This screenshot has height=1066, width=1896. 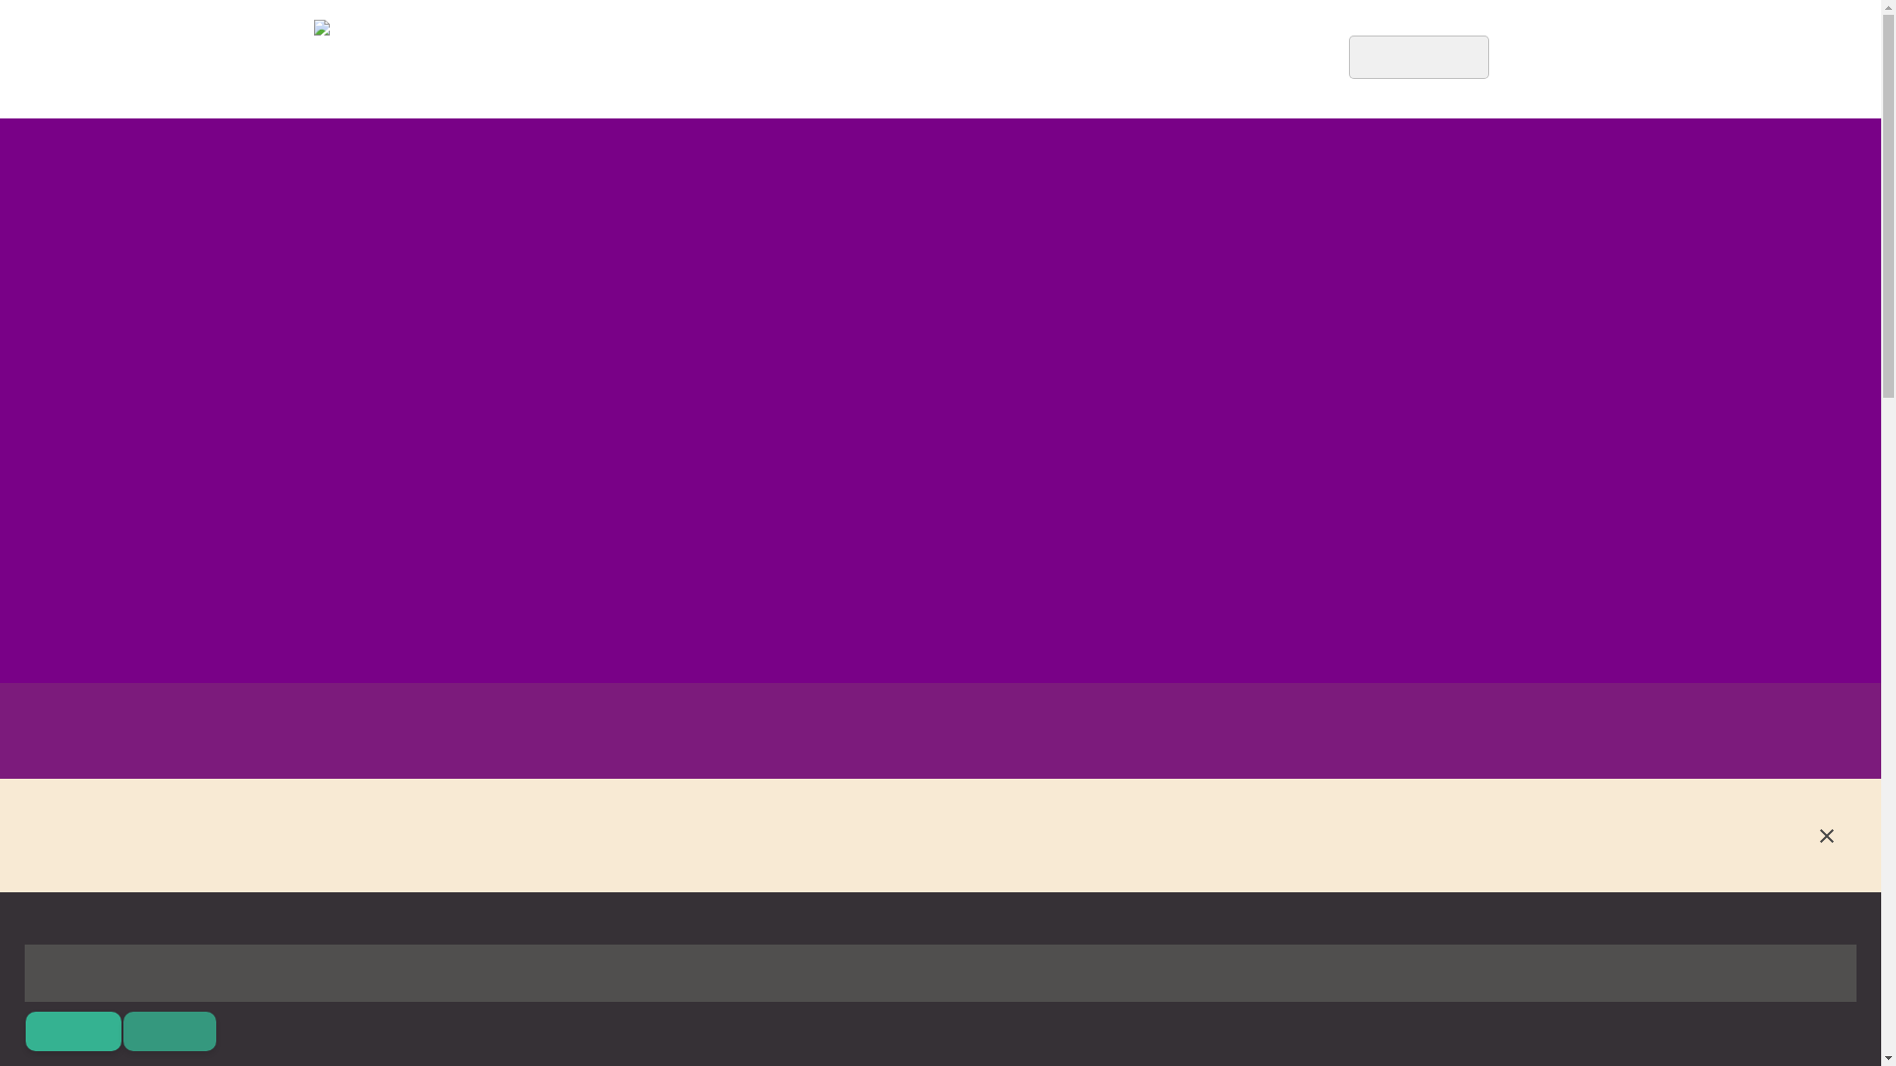 What do you see at coordinates (375, 58) in the screenshot?
I see `'Go to site home page'` at bounding box center [375, 58].